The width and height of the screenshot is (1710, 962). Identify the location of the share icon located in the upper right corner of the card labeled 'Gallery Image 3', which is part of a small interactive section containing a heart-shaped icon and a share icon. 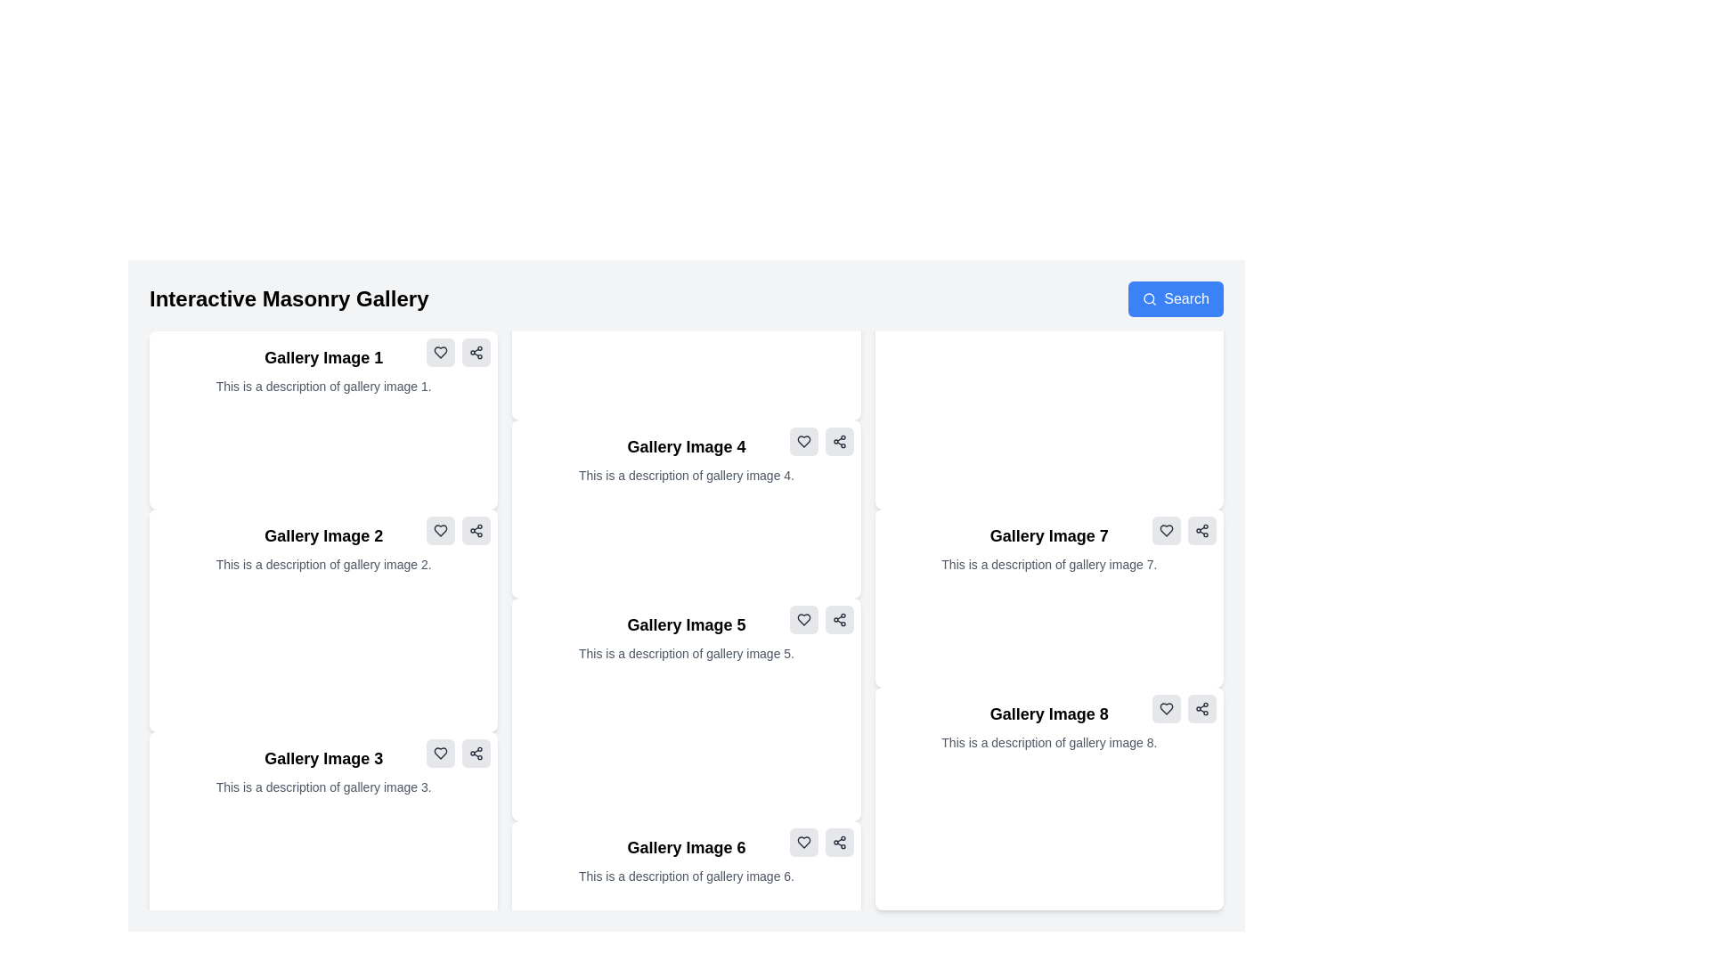
(459, 753).